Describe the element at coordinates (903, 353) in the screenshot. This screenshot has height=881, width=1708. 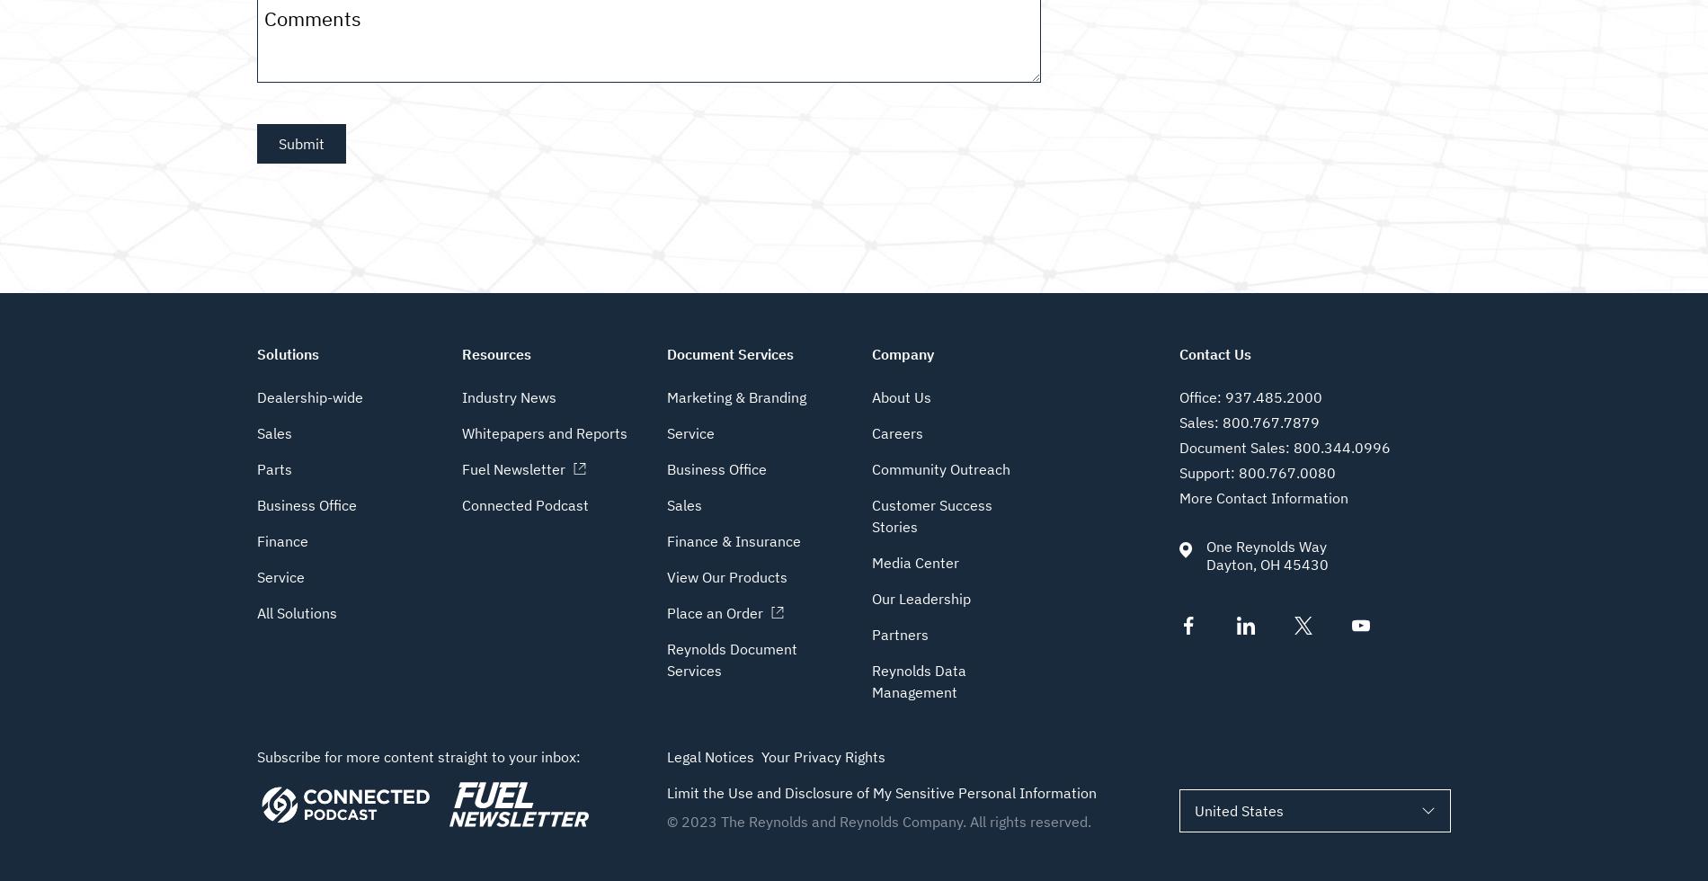
I see `'Company'` at that location.